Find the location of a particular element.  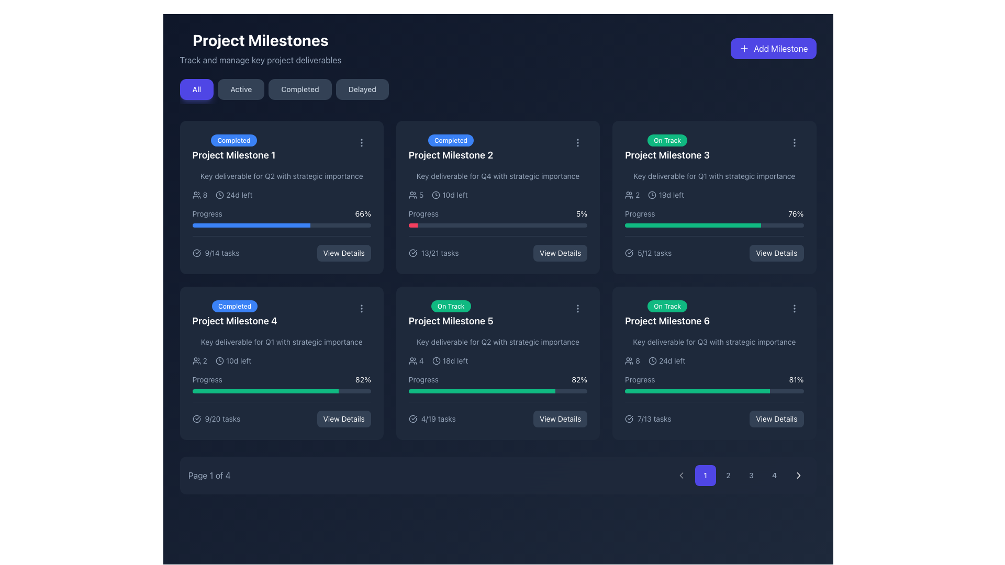

the circular segment of the SVG graphic element styled with 'currentColor' within the 'Project Milestone 3' card is located at coordinates (629, 253).